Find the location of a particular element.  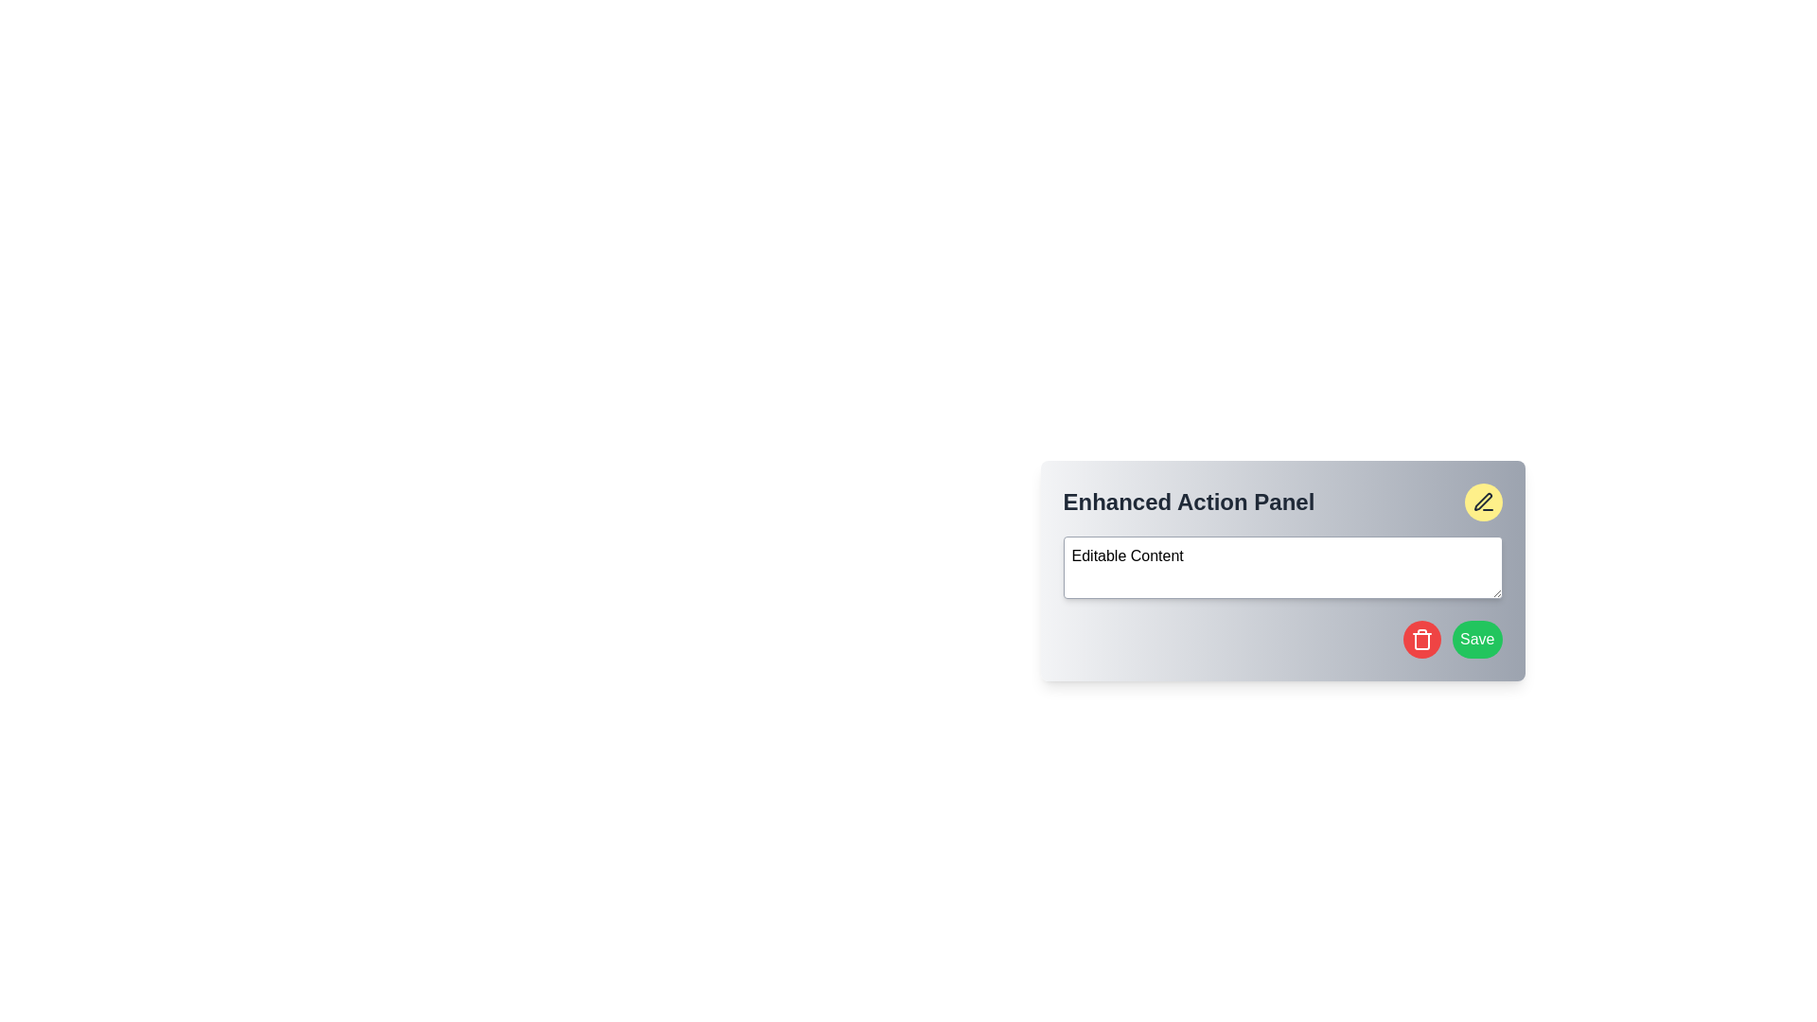

the pen-shaped icon on the yellow circular background located at the top-right corner of the 'Enhanced Action Panel' to initiate editing is located at coordinates (1482, 502).